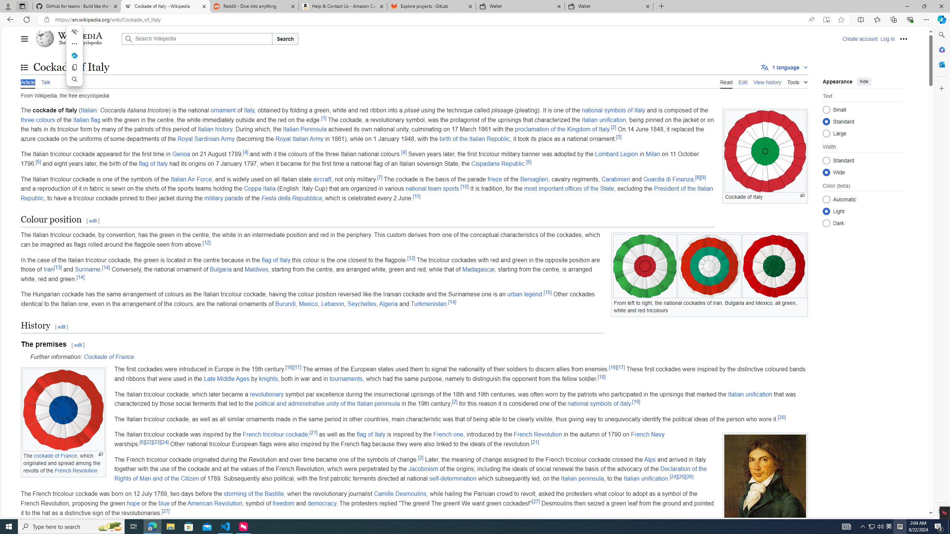  What do you see at coordinates (299, 138) in the screenshot?
I see `'Royal Italian Army'` at bounding box center [299, 138].